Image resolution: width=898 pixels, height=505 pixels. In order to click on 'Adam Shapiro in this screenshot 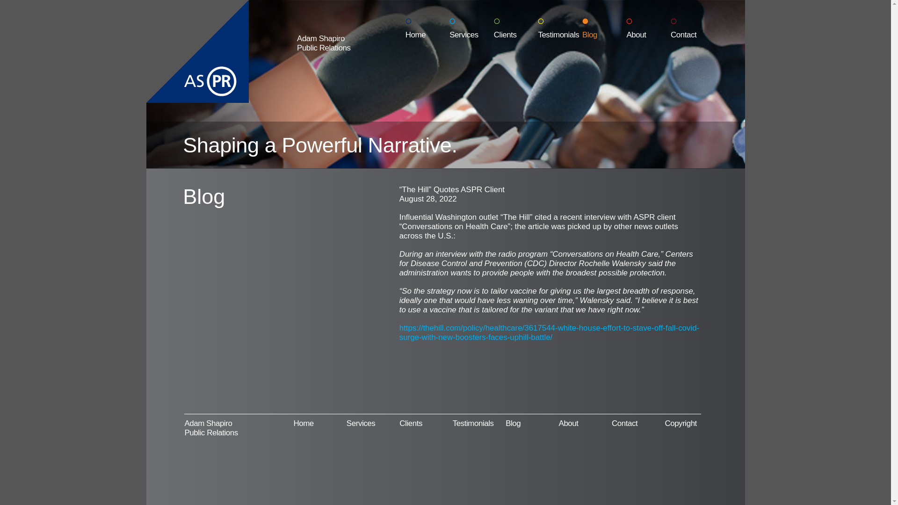, I will do `click(296, 43)`.